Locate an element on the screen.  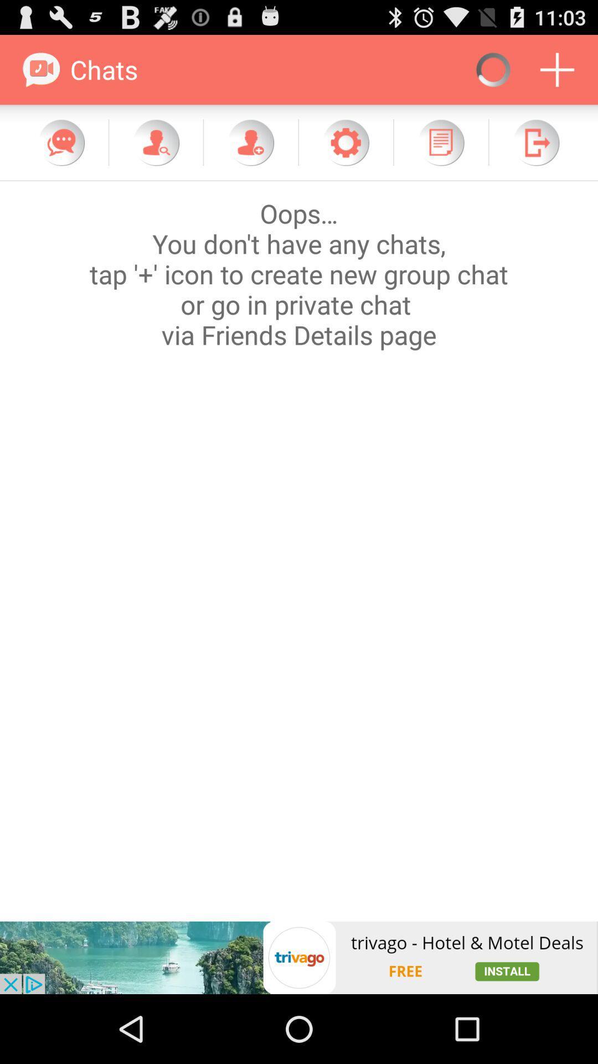
the follow icon is located at coordinates (250, 152).